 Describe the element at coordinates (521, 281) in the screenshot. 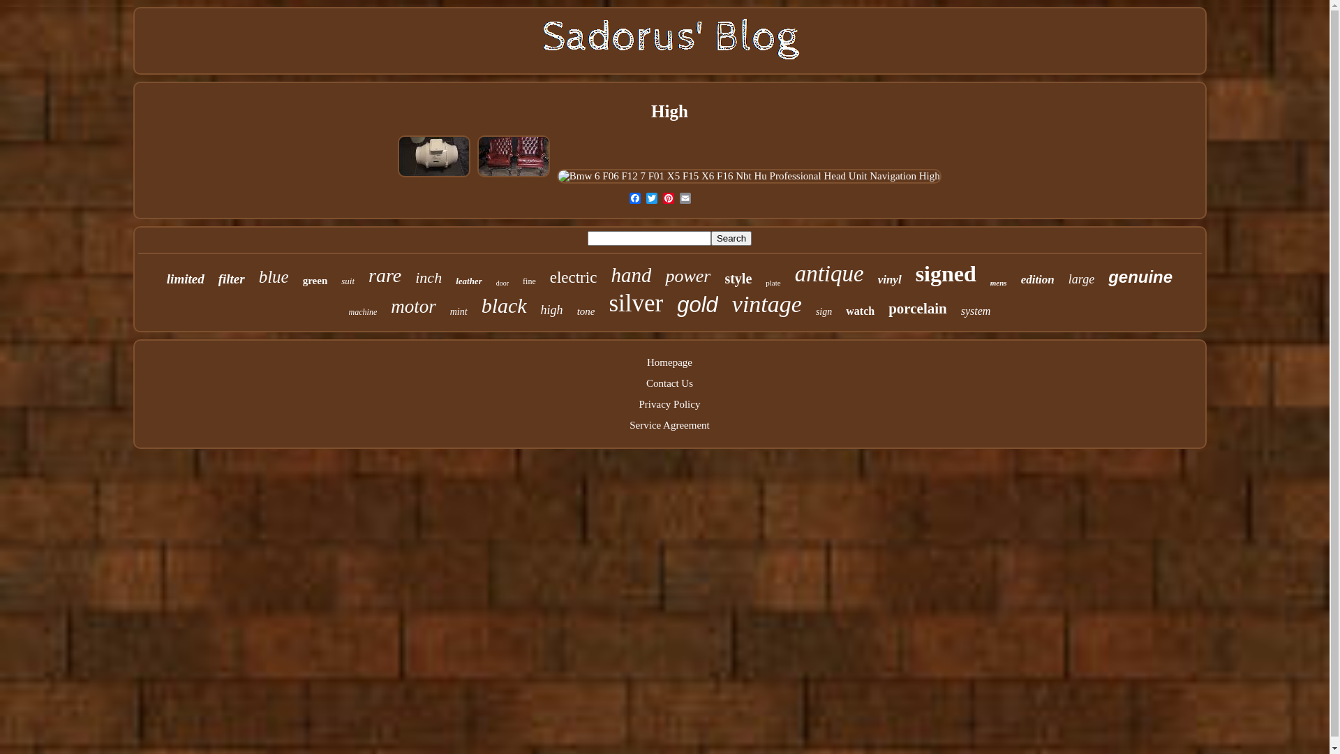

I see `'fine'` at that location.